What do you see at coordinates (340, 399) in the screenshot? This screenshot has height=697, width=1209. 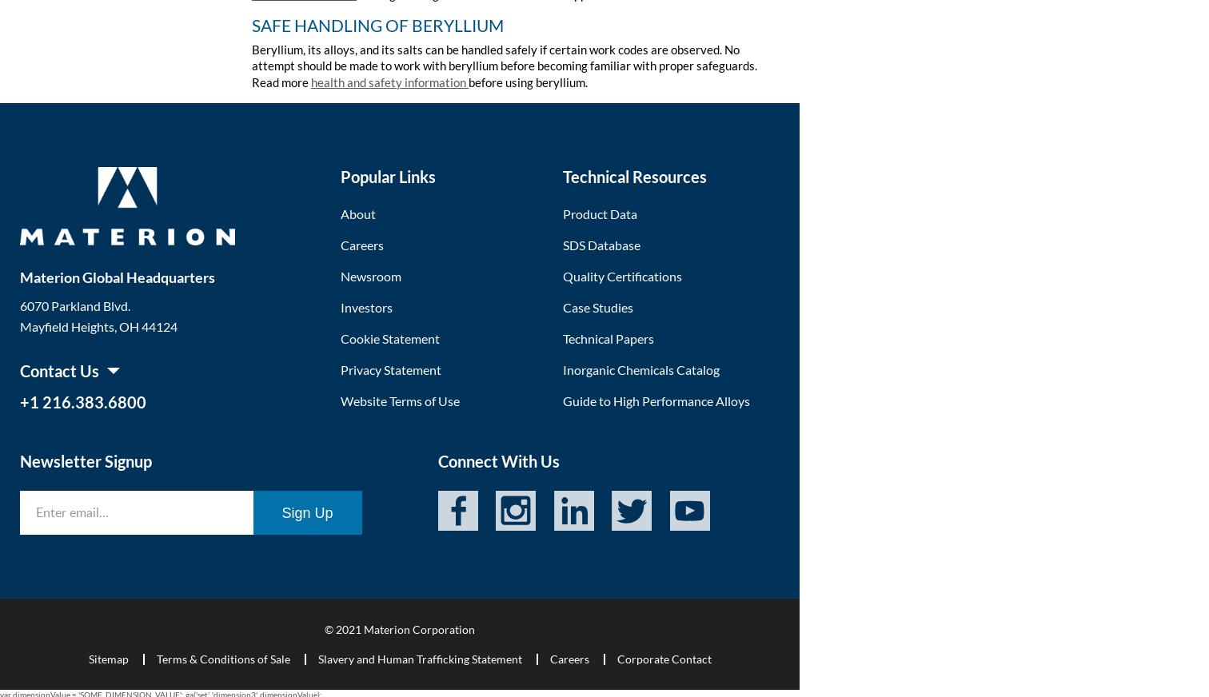 I see `'Website Terms of Use'` at bounding box center [340, 399].